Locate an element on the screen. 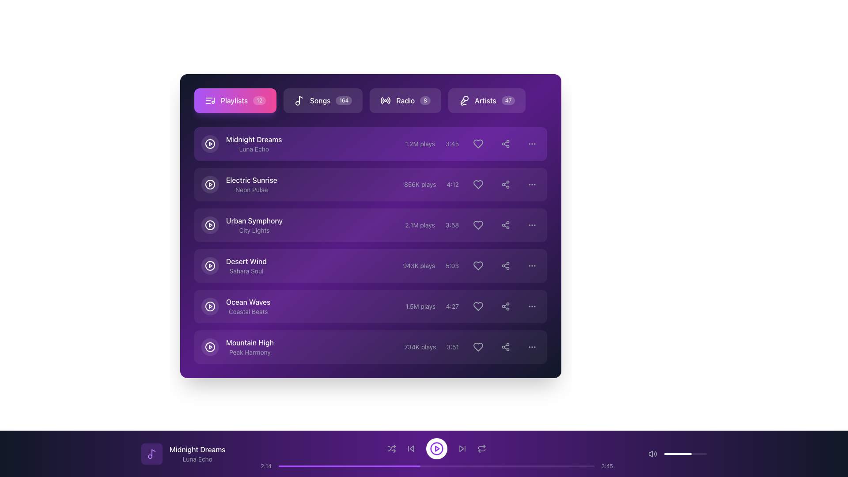  the share icon located in the first row of the playlist table, positioned to the right of the time duration '3:45' and next to the heart icon is located at coordinates (506, 144).